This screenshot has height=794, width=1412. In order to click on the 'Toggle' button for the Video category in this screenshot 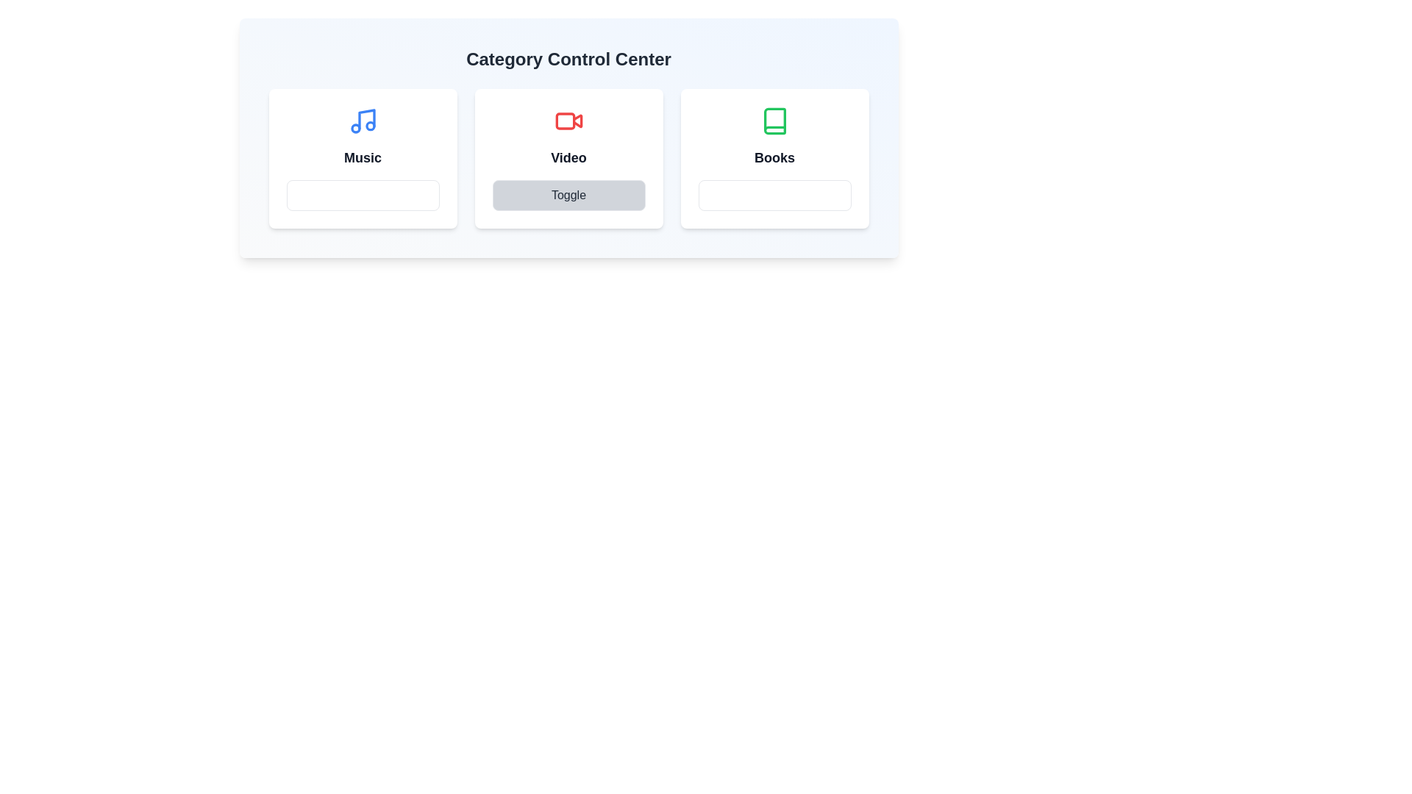, I will do `click(568, 195)`.